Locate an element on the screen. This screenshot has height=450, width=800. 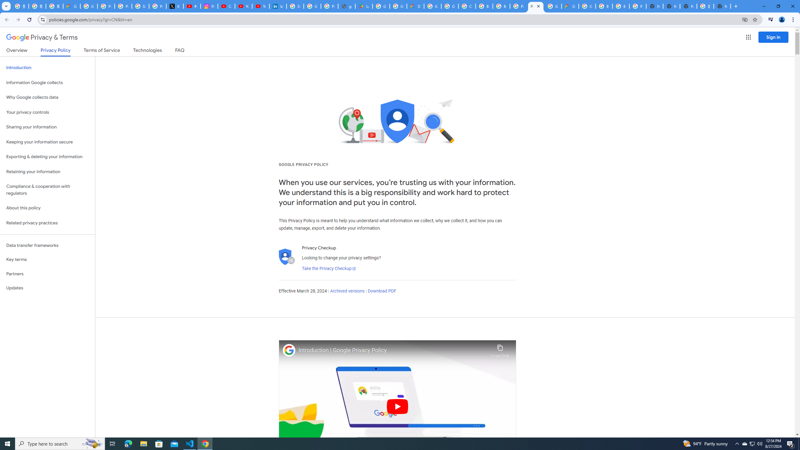
'Privacy Help Center - Policies Help' is located at coordinates (123, 6).